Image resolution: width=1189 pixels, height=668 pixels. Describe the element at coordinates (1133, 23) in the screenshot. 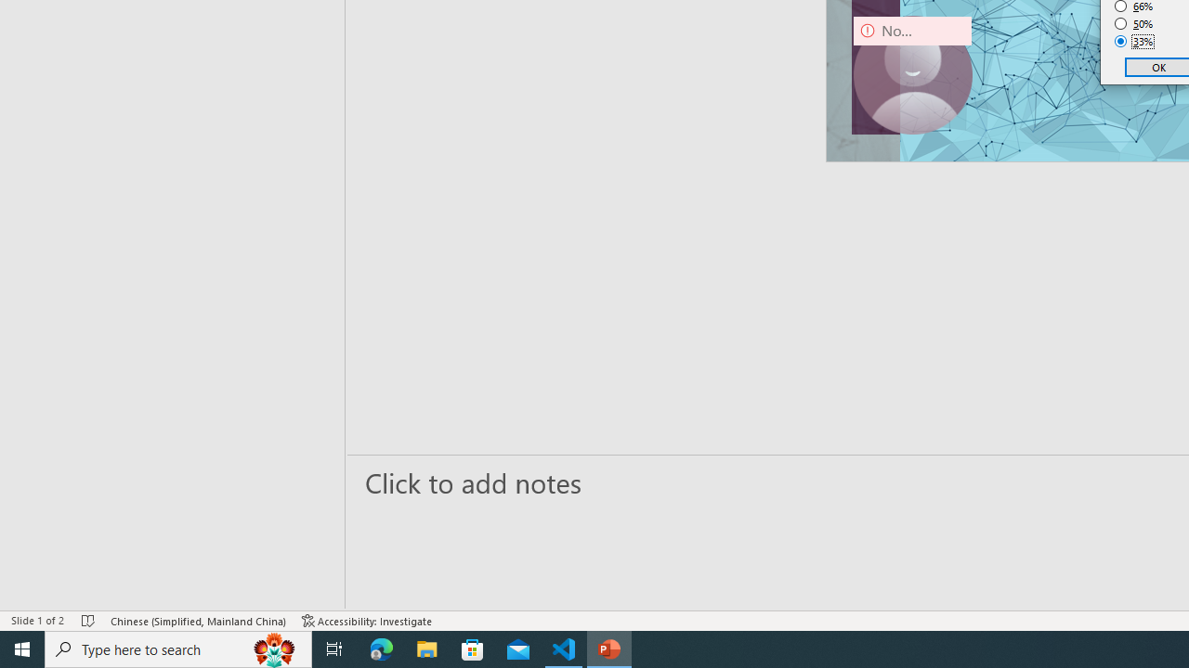

I see `'50%'` at that location.